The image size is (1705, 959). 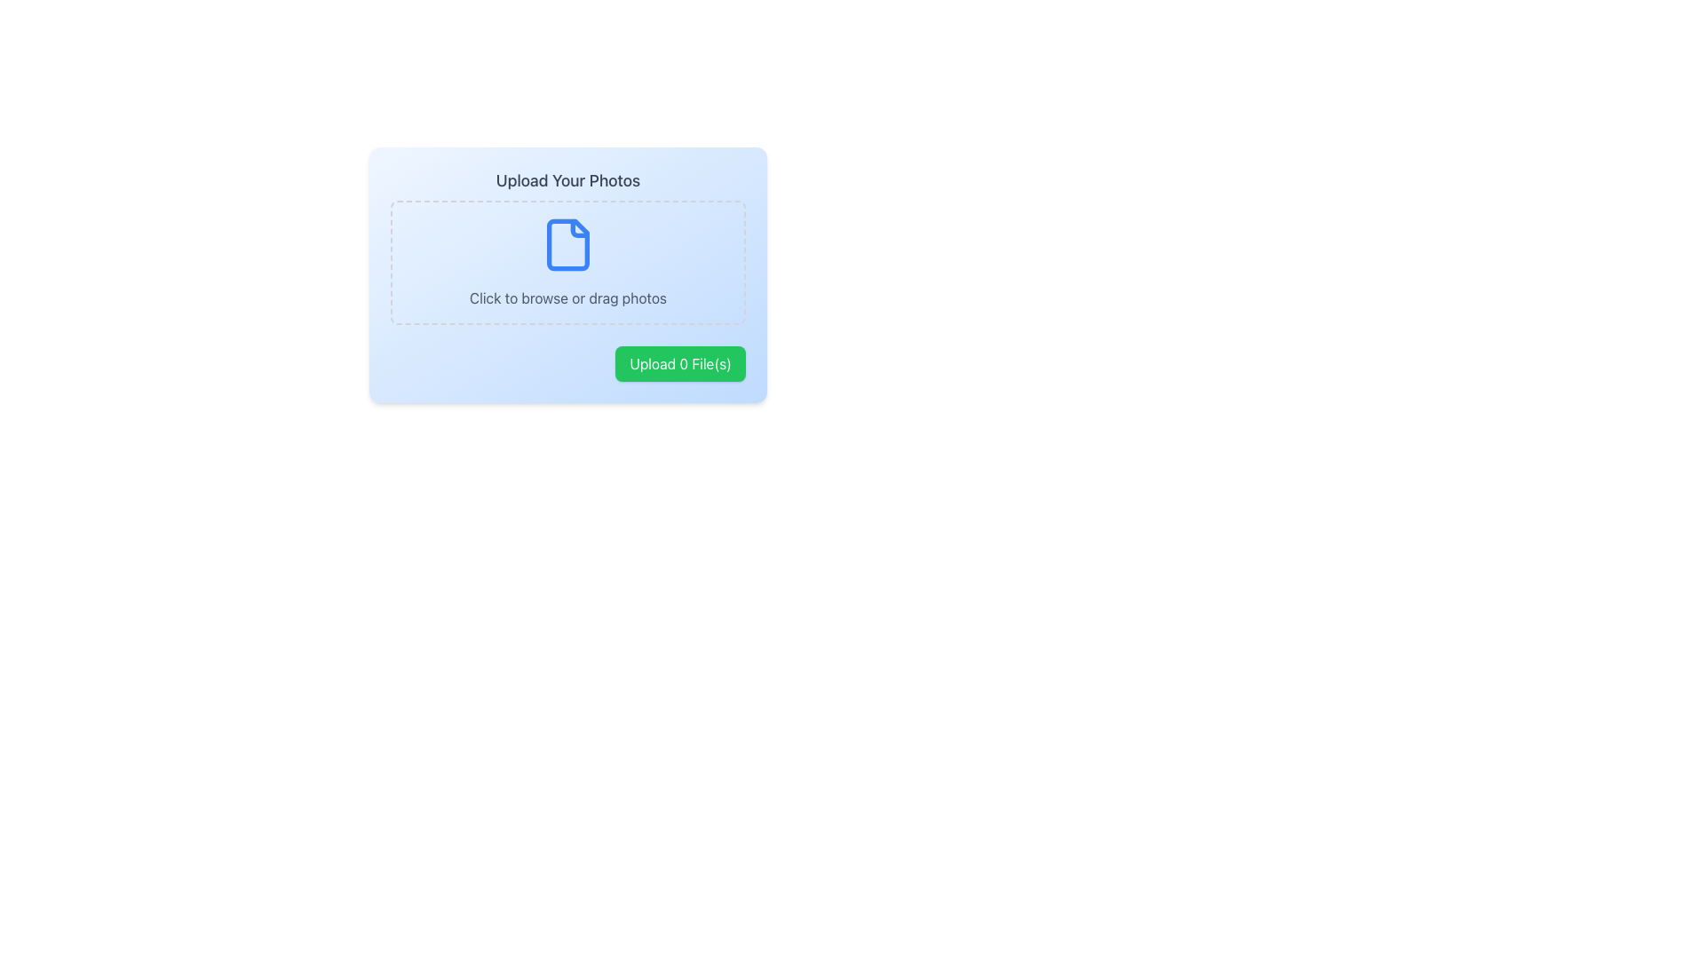 What do you see at coordinates (567, 245) in the screenshot?
I see `the file document icon outlined in blue, centrally placed within the dashed rectangle of the 'Upload Your Photos' layout` at bounding box center [567, 245].